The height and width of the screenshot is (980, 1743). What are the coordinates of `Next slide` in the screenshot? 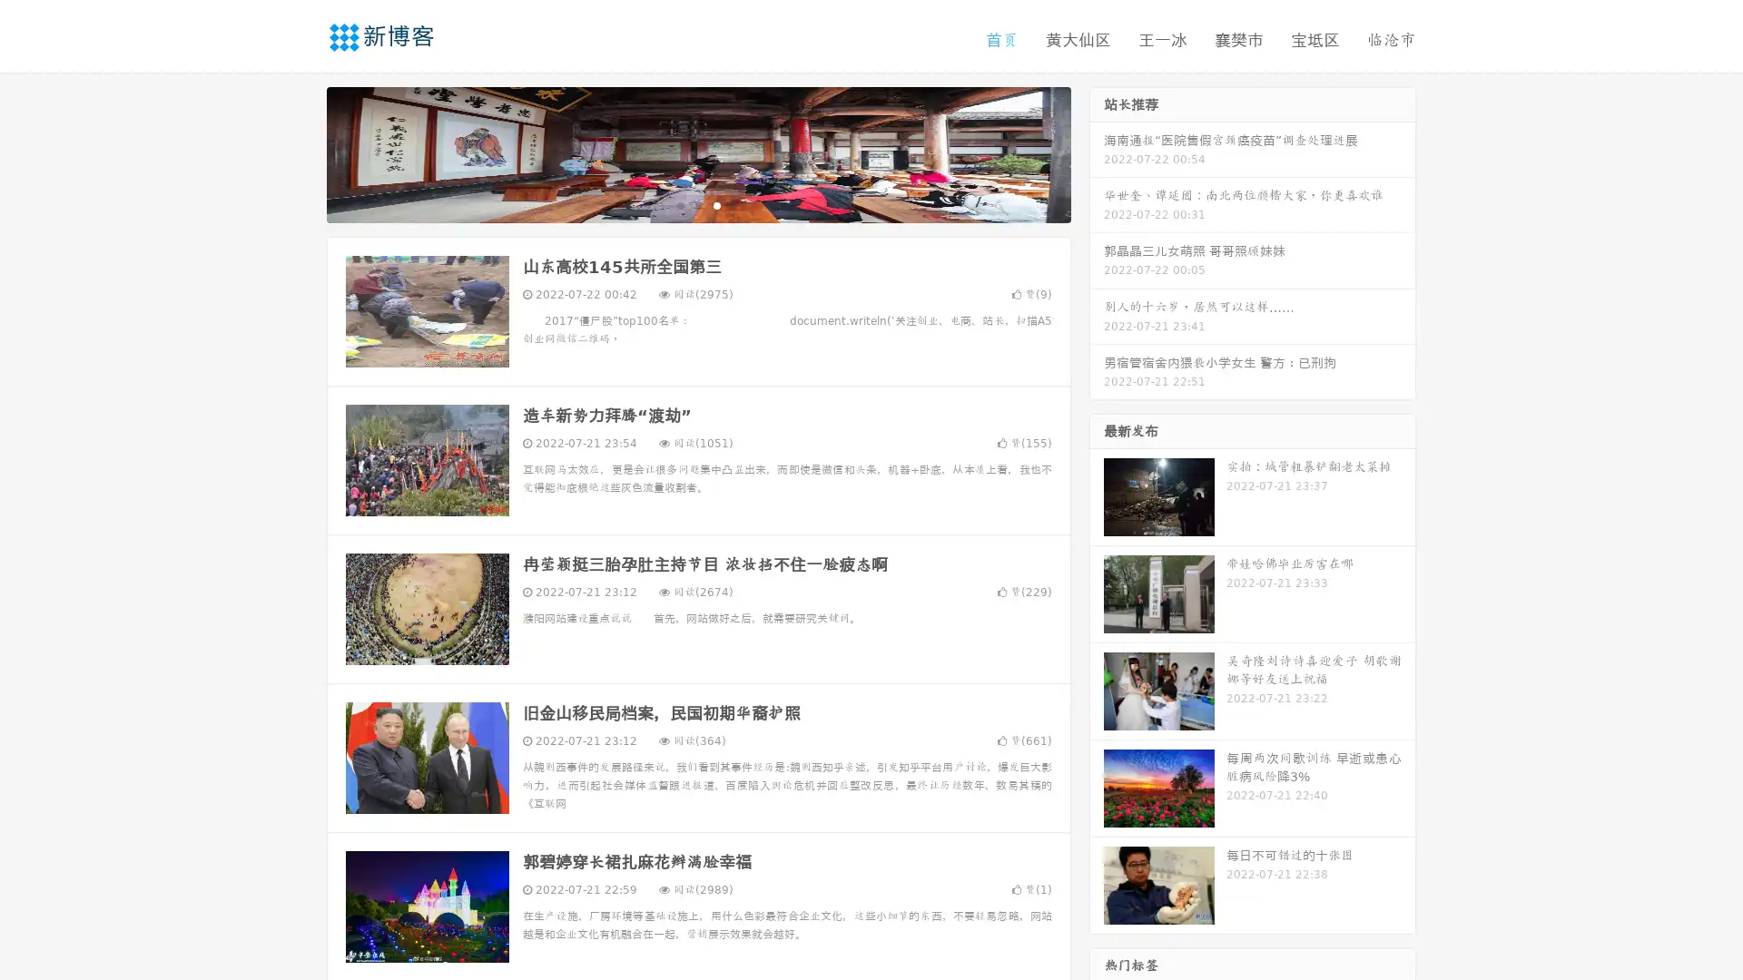 It's located at (1097, 152).